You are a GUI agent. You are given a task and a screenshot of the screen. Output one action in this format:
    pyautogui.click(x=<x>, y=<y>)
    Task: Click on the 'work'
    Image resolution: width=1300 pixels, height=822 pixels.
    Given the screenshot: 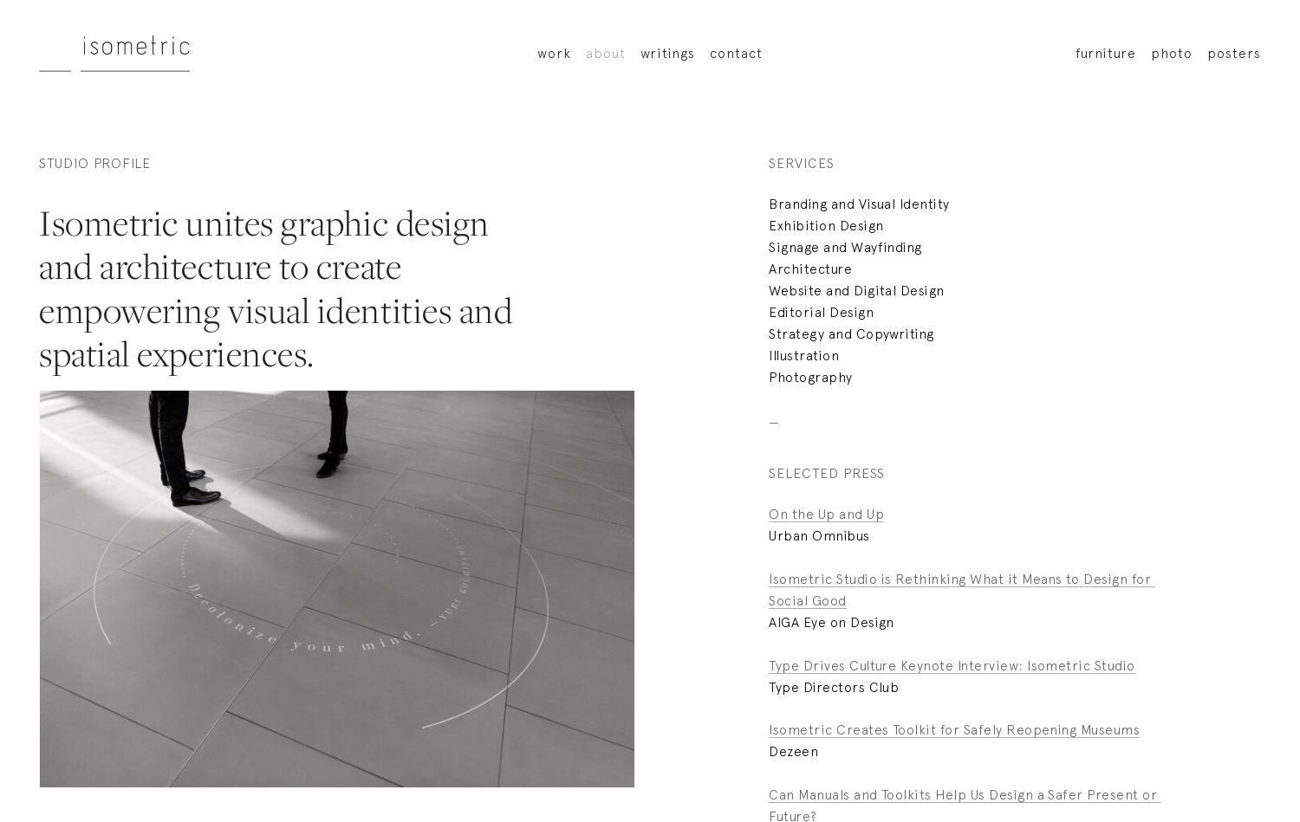 What is the action you would take?
    pyautogui.click(x=536, y=51)
    